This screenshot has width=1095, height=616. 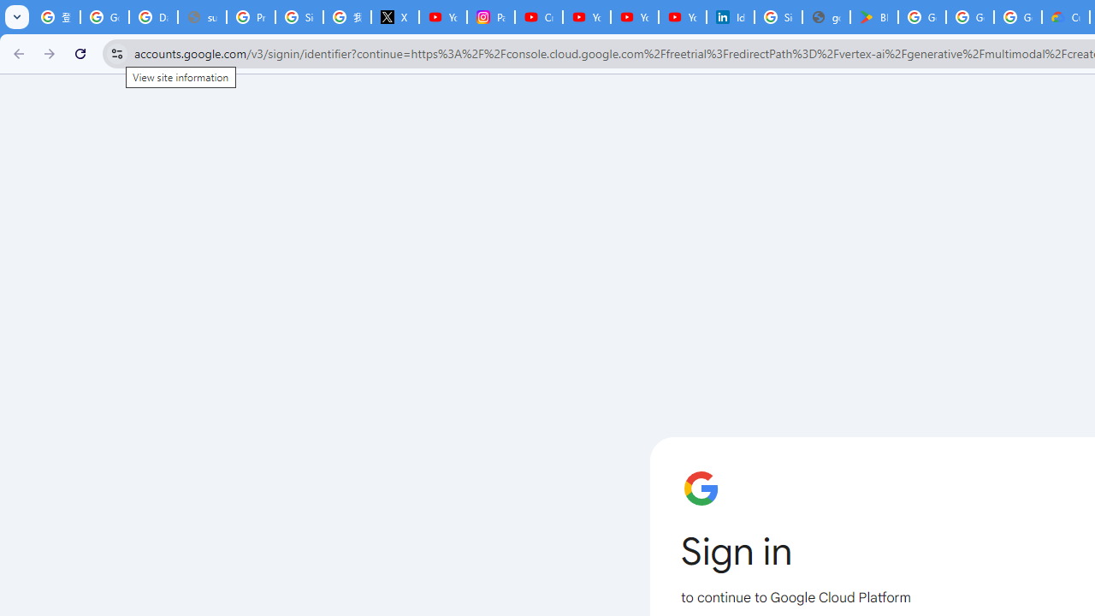 I want to click on 'Google Workspace - Specific Terms', so click(x=970, y=17).